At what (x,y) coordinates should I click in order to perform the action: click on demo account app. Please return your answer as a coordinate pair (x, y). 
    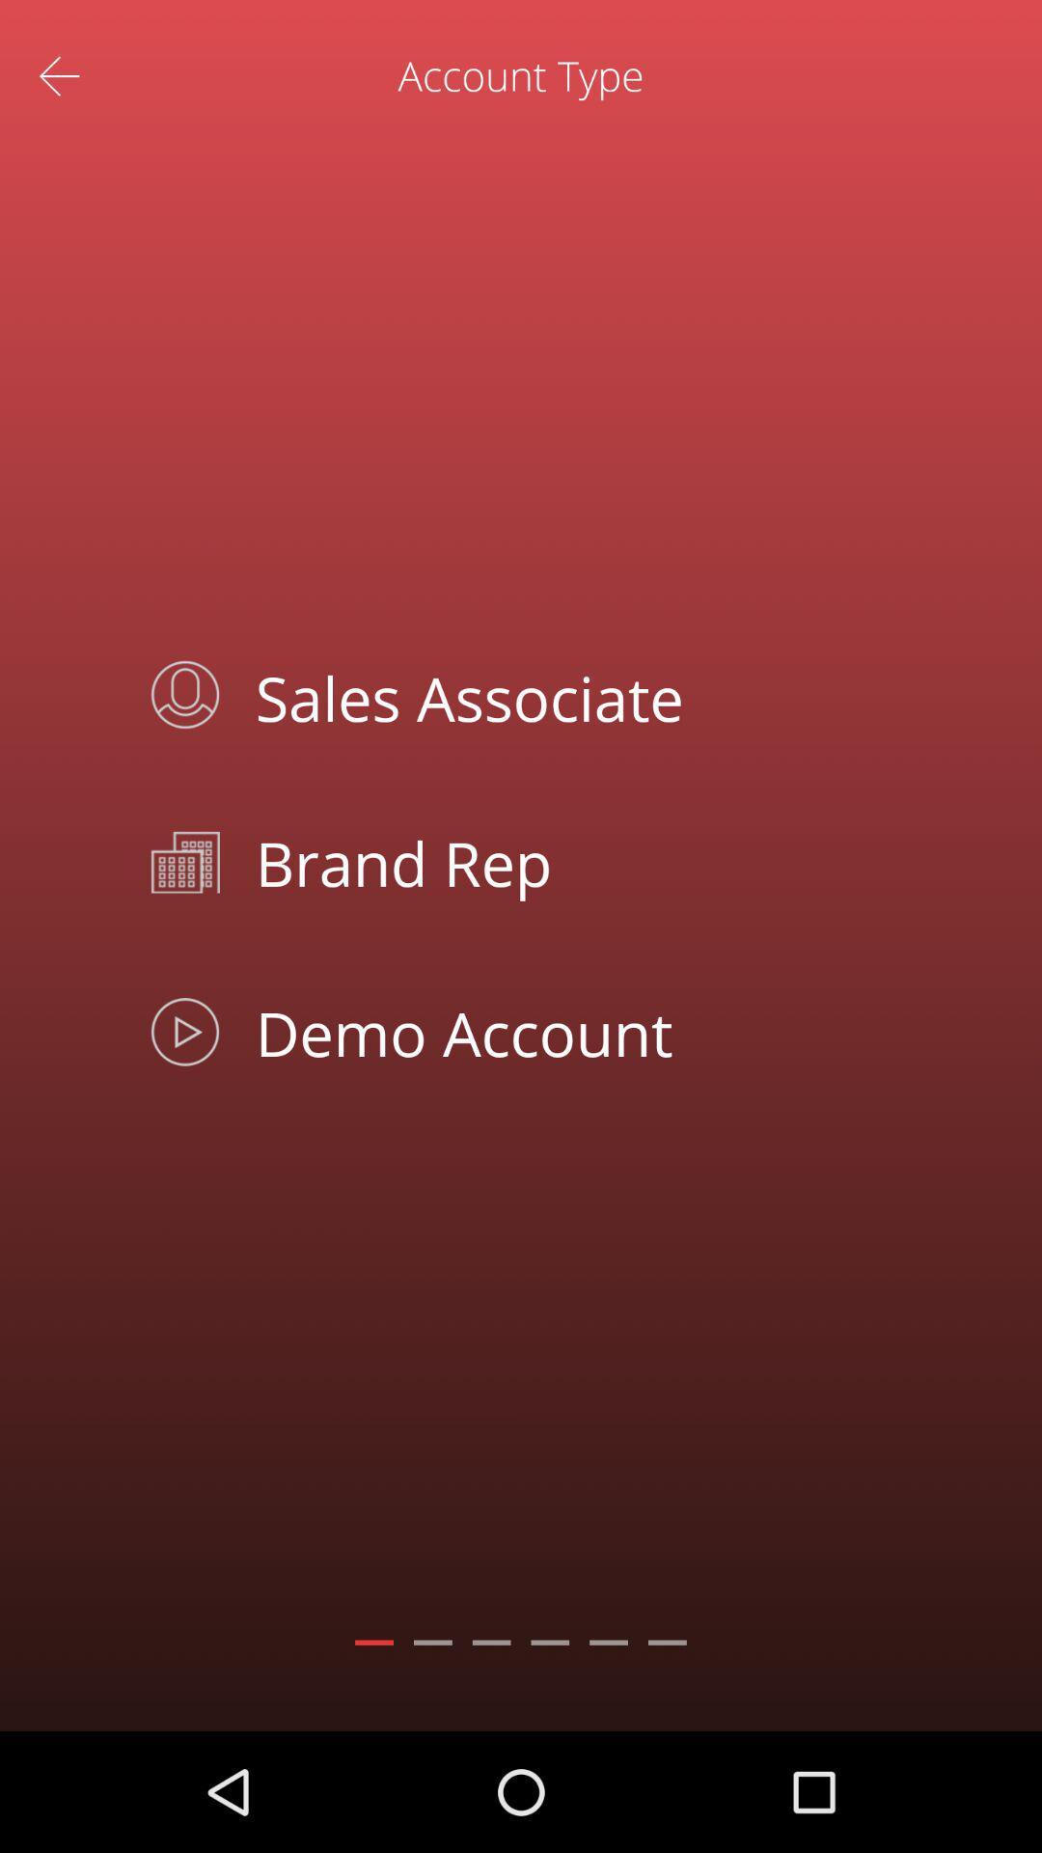
    Looking at the image, I should click on (564, 1032).